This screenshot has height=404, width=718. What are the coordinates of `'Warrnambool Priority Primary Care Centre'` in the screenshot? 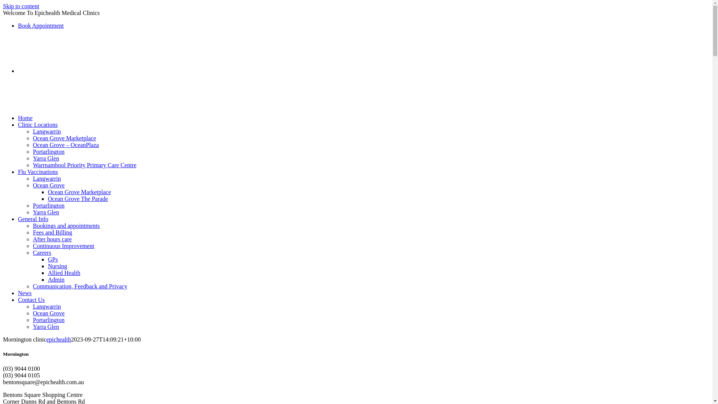 It's located at (85, 165).